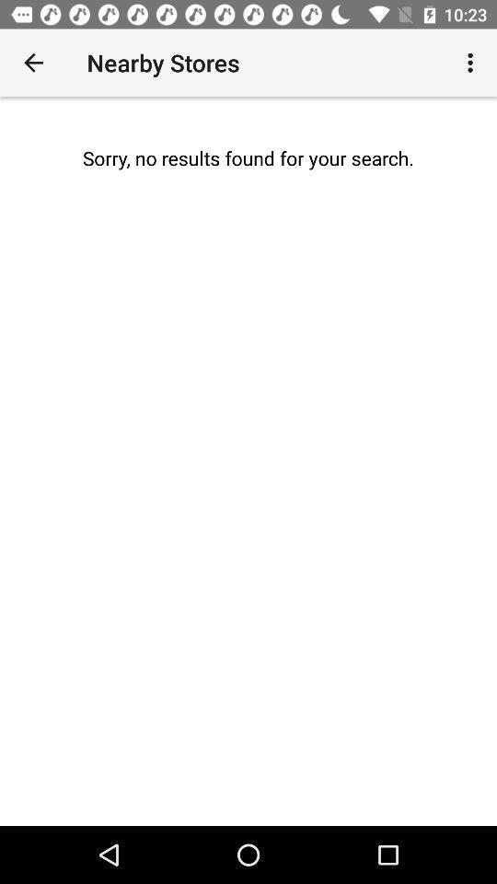 The height and width of the screenshot is (884, 497). What do you see at coordinates (472, 63) in the screenshot?
I see `the icon to the right of the nearby stores icon` at bounding box center [472, 63].